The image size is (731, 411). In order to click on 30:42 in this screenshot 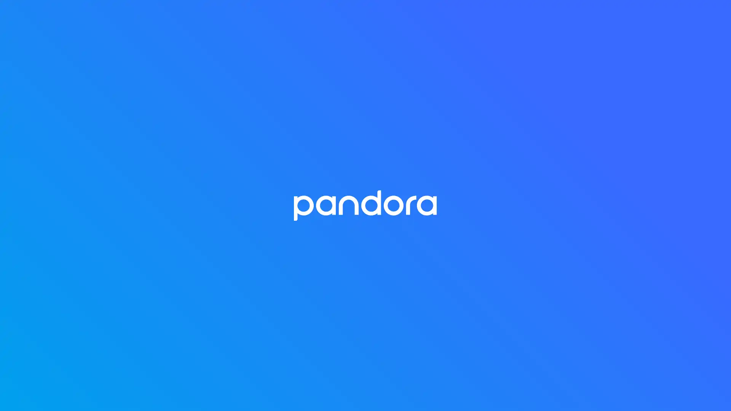, I will do `click(630, 356)`.